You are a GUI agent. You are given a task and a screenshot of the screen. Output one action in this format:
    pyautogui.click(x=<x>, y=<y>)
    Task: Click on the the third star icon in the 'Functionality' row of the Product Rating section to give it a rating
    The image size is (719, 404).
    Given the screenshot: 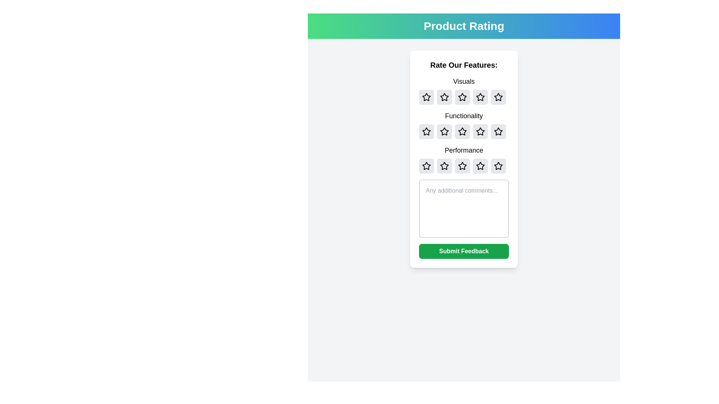 What is the action you would take?
    pyautogui.click(x=462, y=131)
    